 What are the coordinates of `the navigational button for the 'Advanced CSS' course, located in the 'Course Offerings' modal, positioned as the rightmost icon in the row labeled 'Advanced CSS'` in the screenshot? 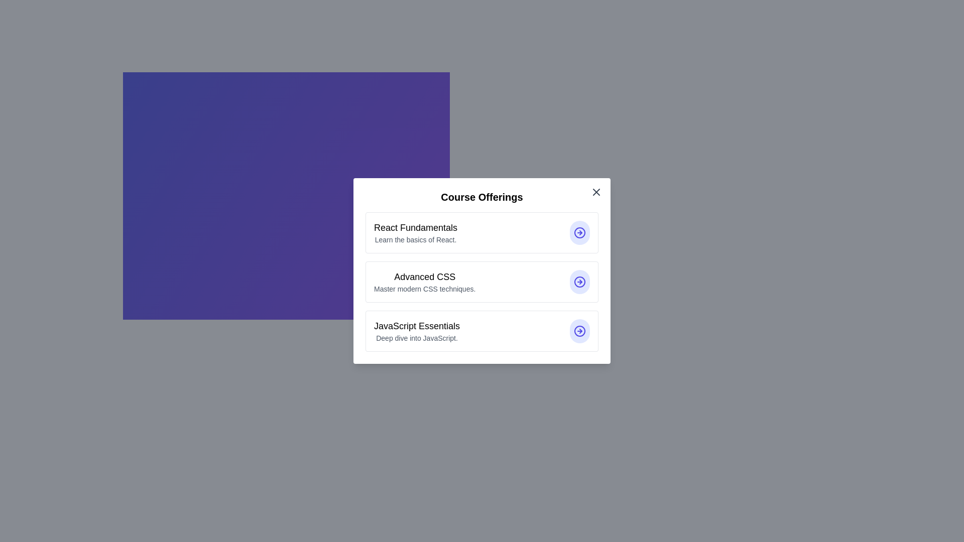 It's located at (580, 282).